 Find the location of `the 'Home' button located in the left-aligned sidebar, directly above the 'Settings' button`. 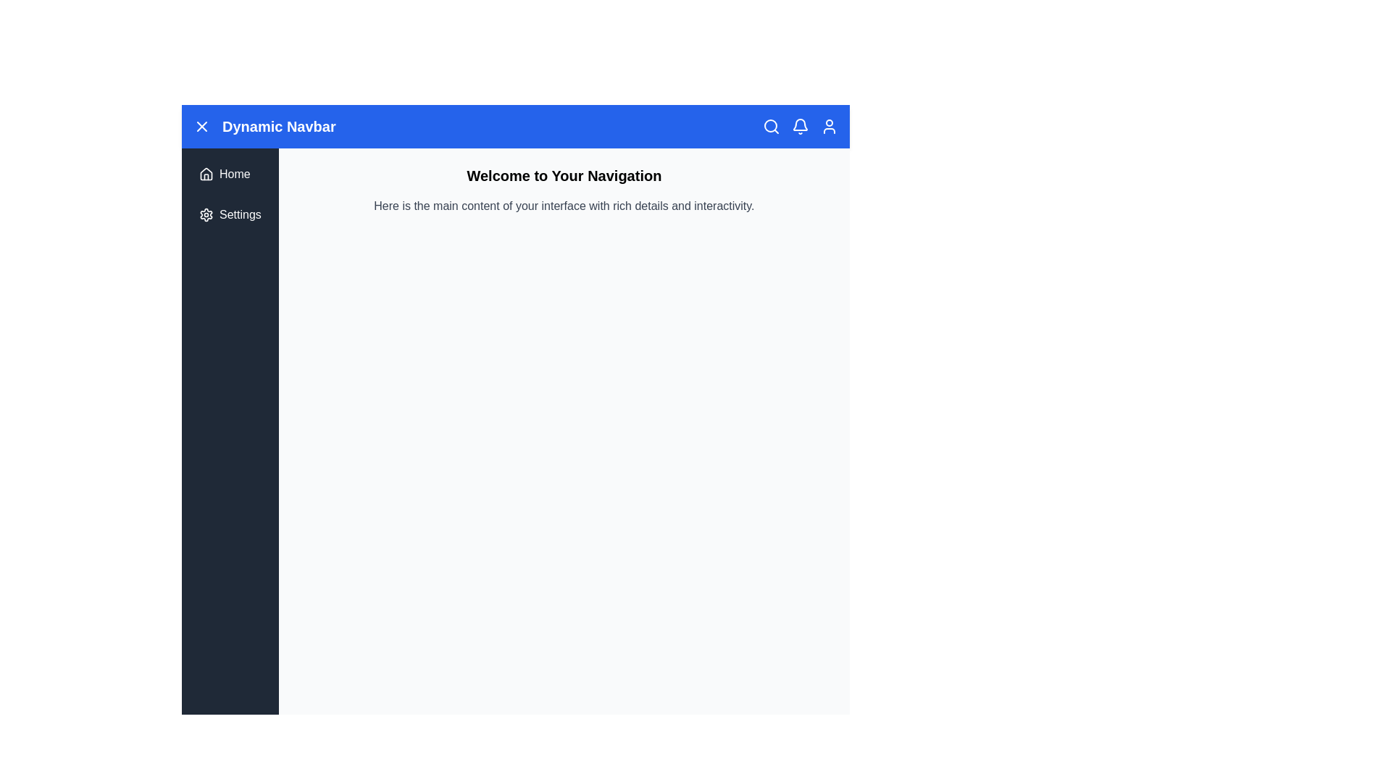

the 'Home' button located in the left-aligned sidebar, directly above the 'Settings' button is located at coordinates (229, 173).